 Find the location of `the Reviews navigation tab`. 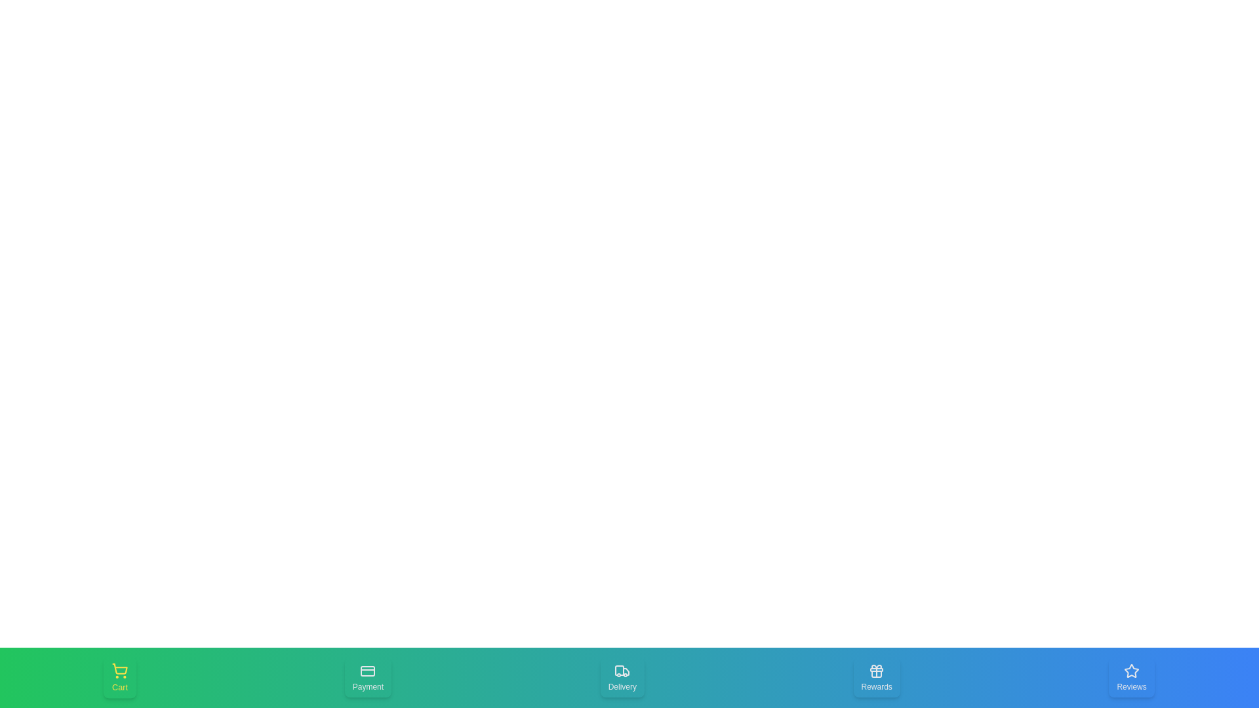

the Reviews navigation tab is located at coordinates (1131, 677).